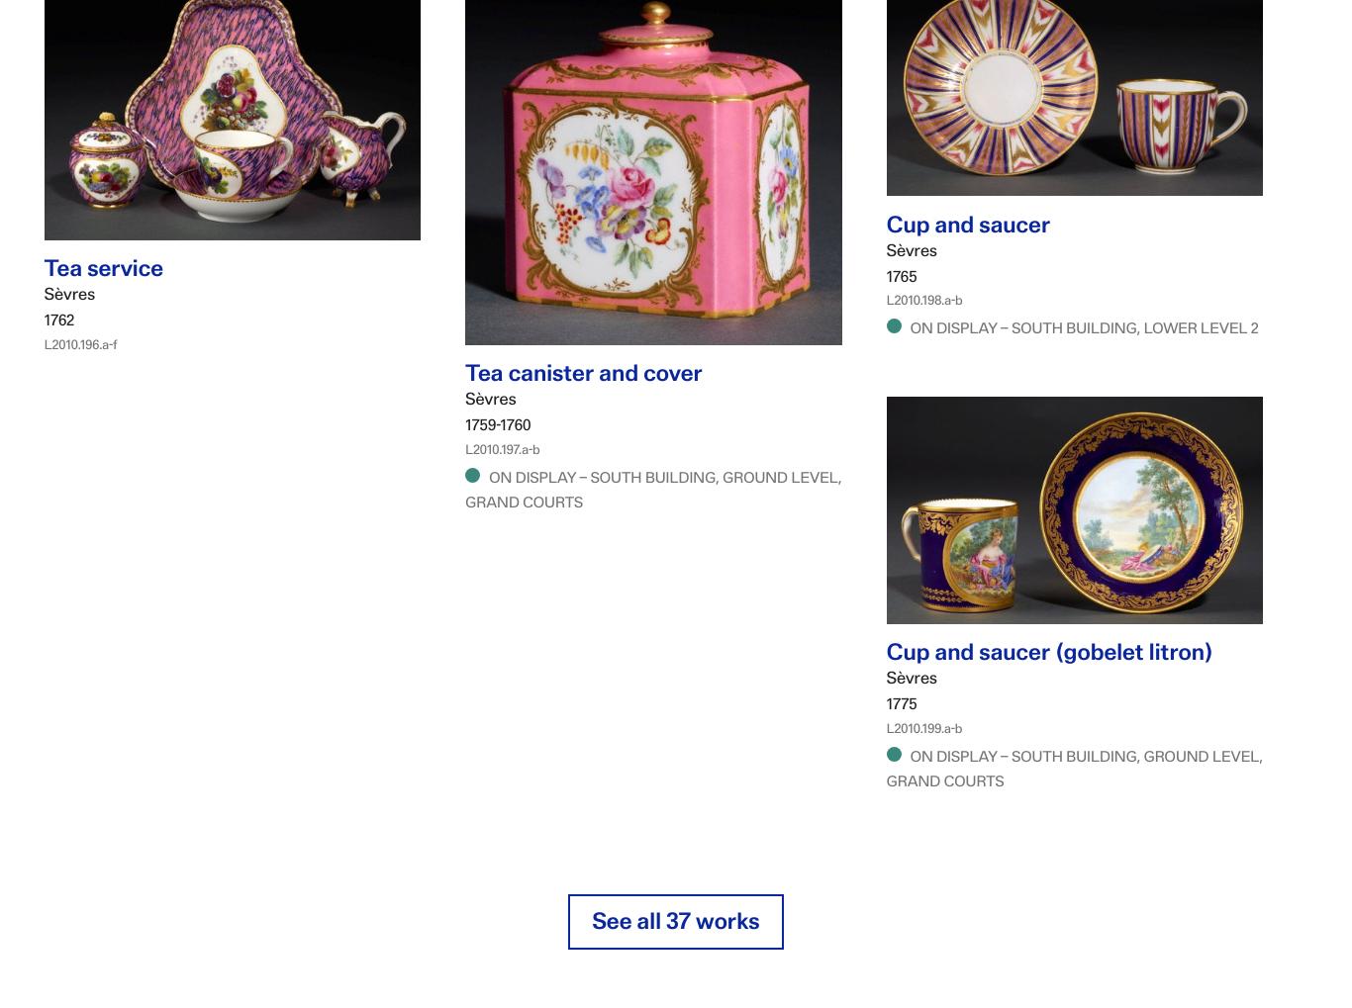 The image size is (1352, 1008). What do you see at coordinates (1078, 666) in the screenshot?
I see `'Cup and saucer (gobelet litron)'` at bounding box center [1078, 666].